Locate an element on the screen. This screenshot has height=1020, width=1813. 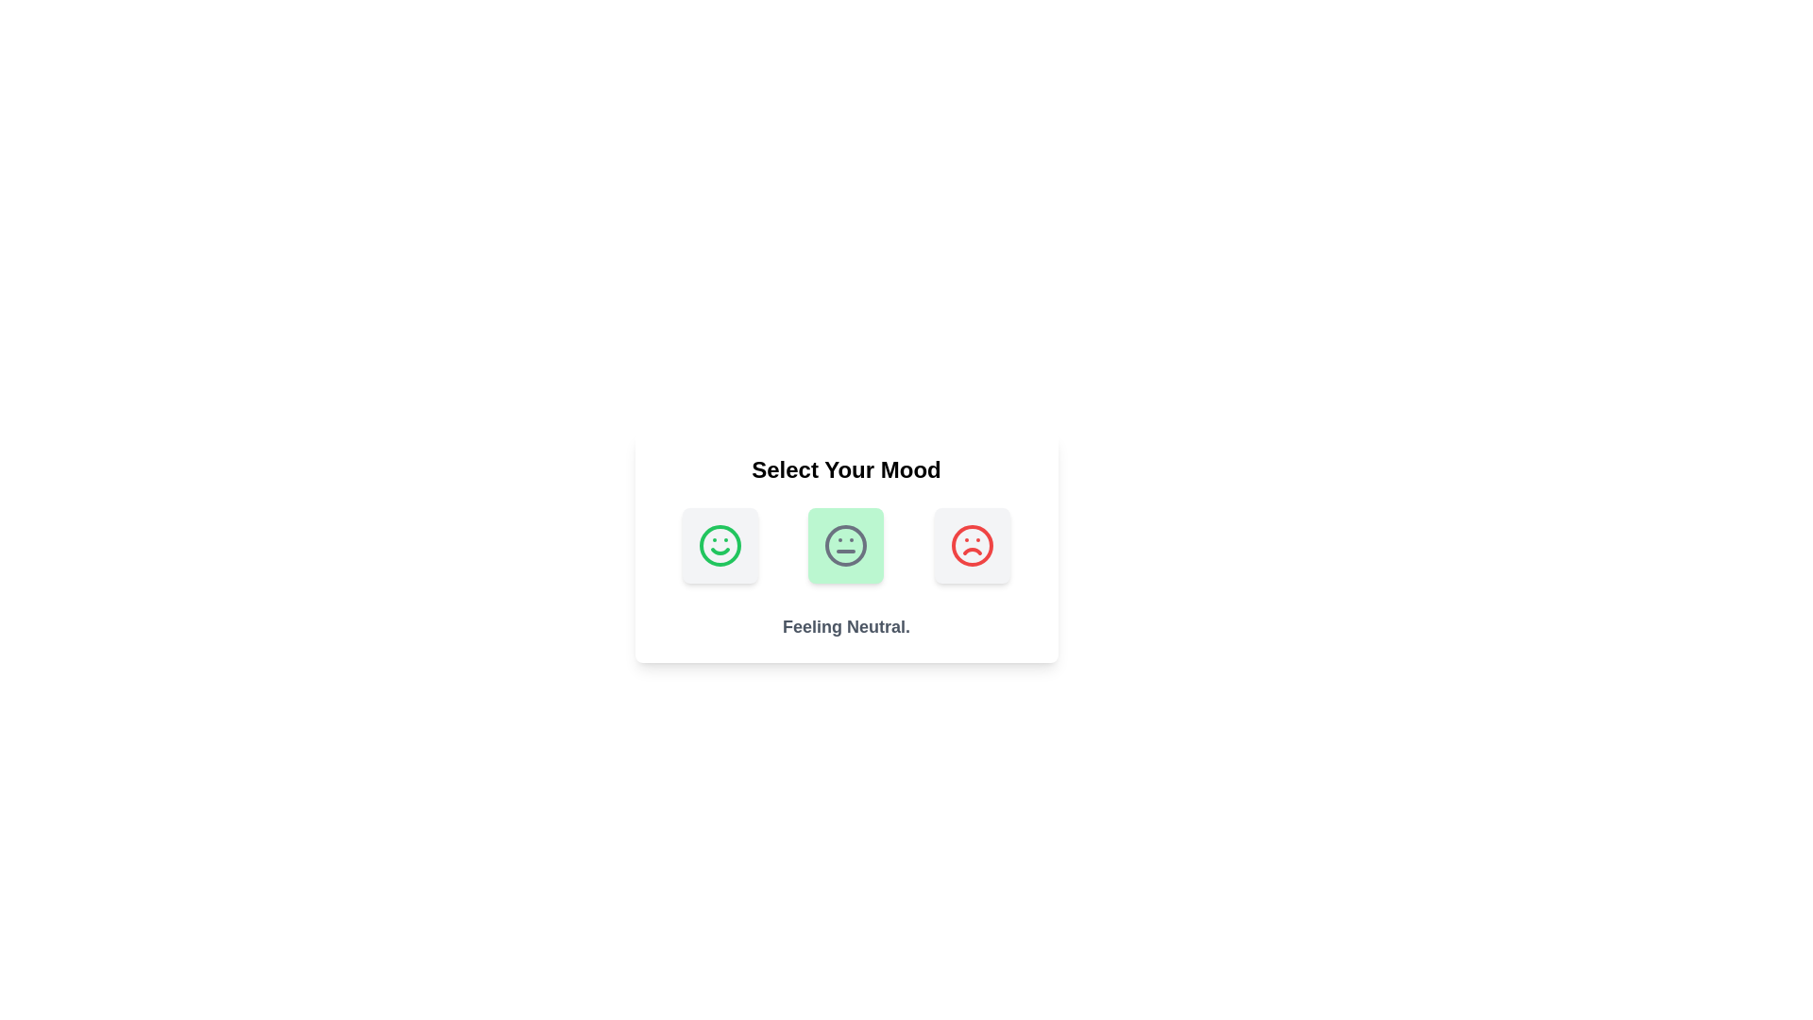
mood description from the caption 'Feeling Neutral.' located at the bottom center of the mood selection panel with a white background and rounded corners is located at coordinates (845, 547).